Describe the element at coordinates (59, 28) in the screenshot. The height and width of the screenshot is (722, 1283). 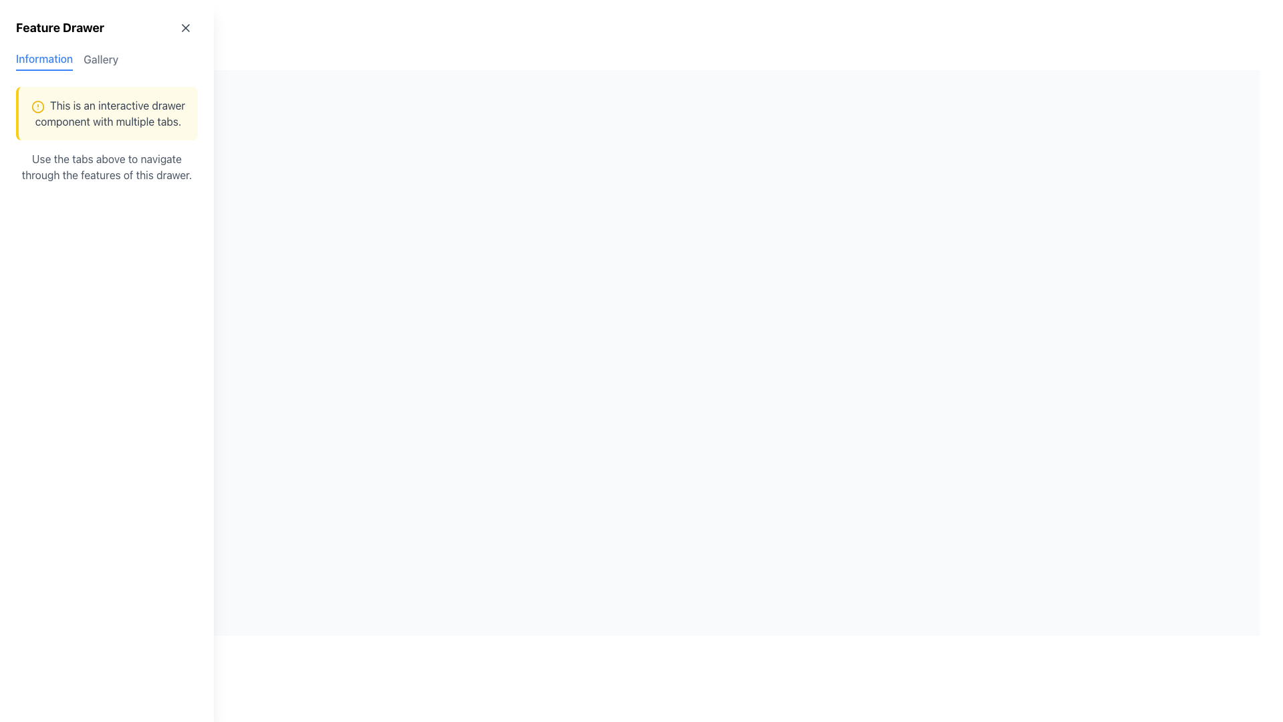
I see `the static text label displaying 'Feature Drawer', which is prominently styled and located at the top-left corner of the panel, aligned to the left next to the 'X' icon` at that location.